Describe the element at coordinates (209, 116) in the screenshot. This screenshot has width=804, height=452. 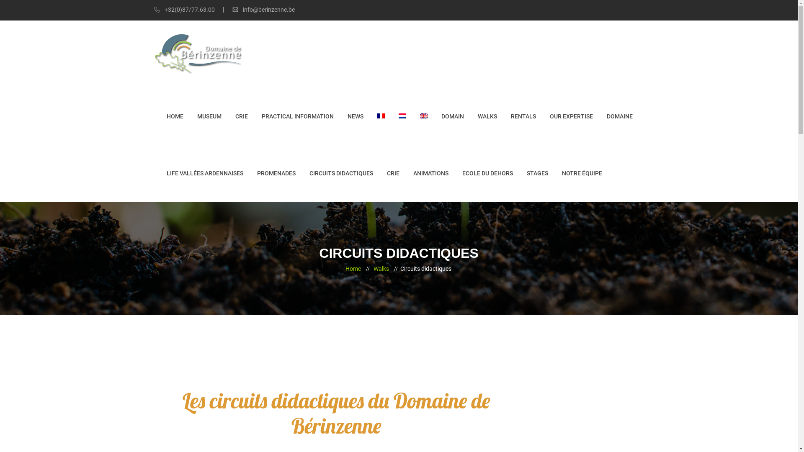
I see `'MUSEUM'` at that location.